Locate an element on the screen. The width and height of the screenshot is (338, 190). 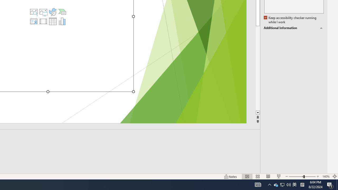
'Insert an Icon' is located at coordinates (53, 12).